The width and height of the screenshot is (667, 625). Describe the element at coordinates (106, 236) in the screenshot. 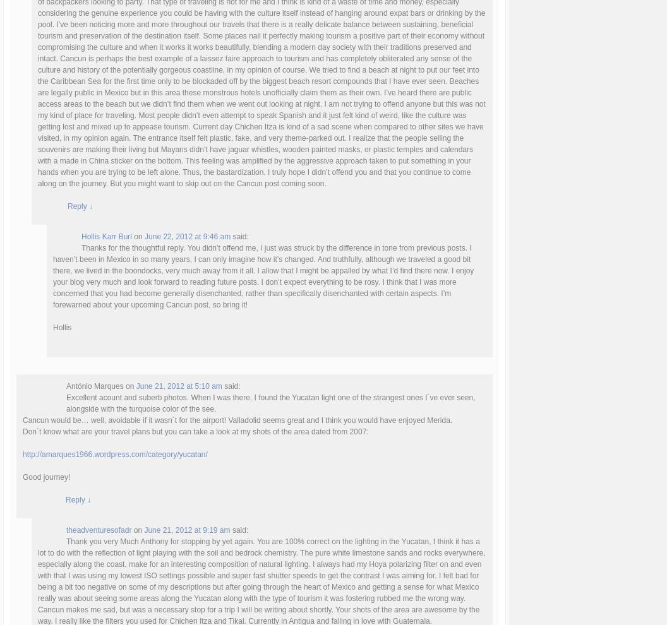

I see `'Hollis Karr Burl'` at that location.